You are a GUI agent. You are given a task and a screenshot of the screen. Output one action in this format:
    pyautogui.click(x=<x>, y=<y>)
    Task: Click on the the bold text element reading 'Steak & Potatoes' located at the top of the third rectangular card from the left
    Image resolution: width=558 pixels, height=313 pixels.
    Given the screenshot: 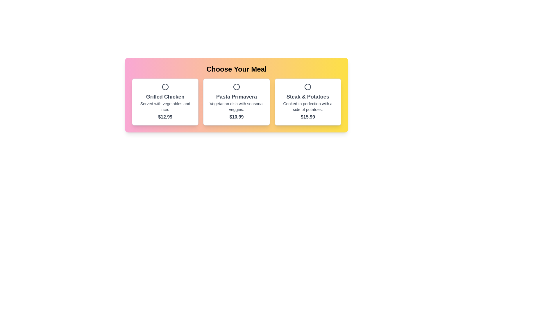 What is the action you would take?
    pyautogui.click(x=307, y=97)
    